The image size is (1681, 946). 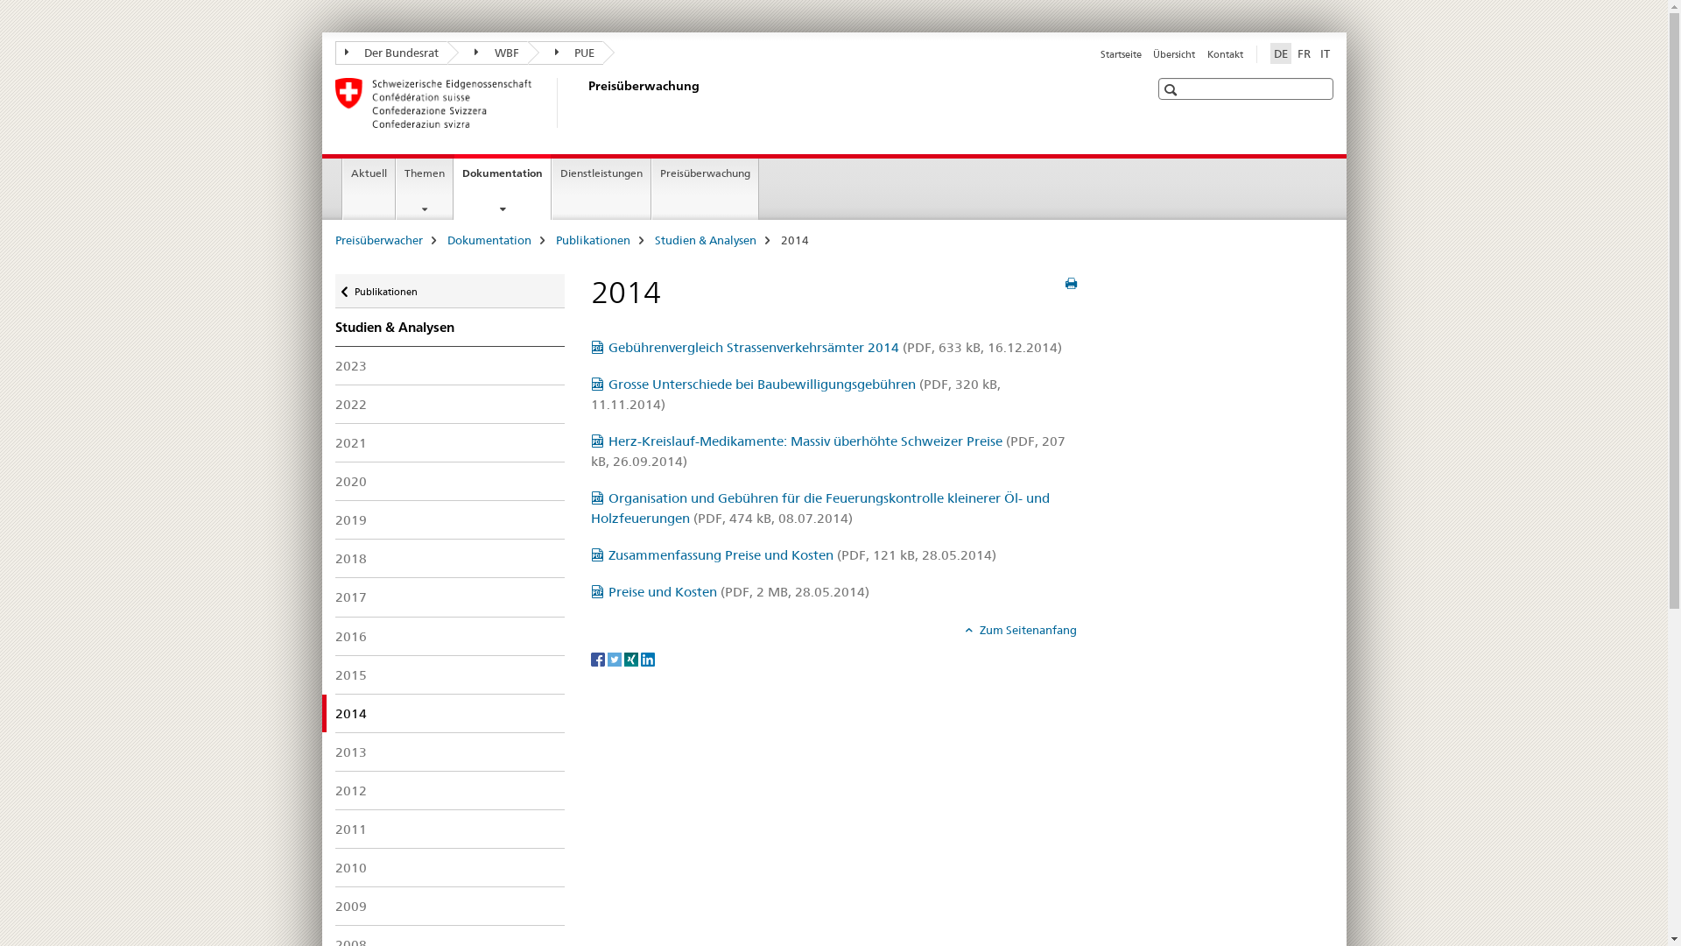 I want to click on 'WBF', so click(x=487, y=52).